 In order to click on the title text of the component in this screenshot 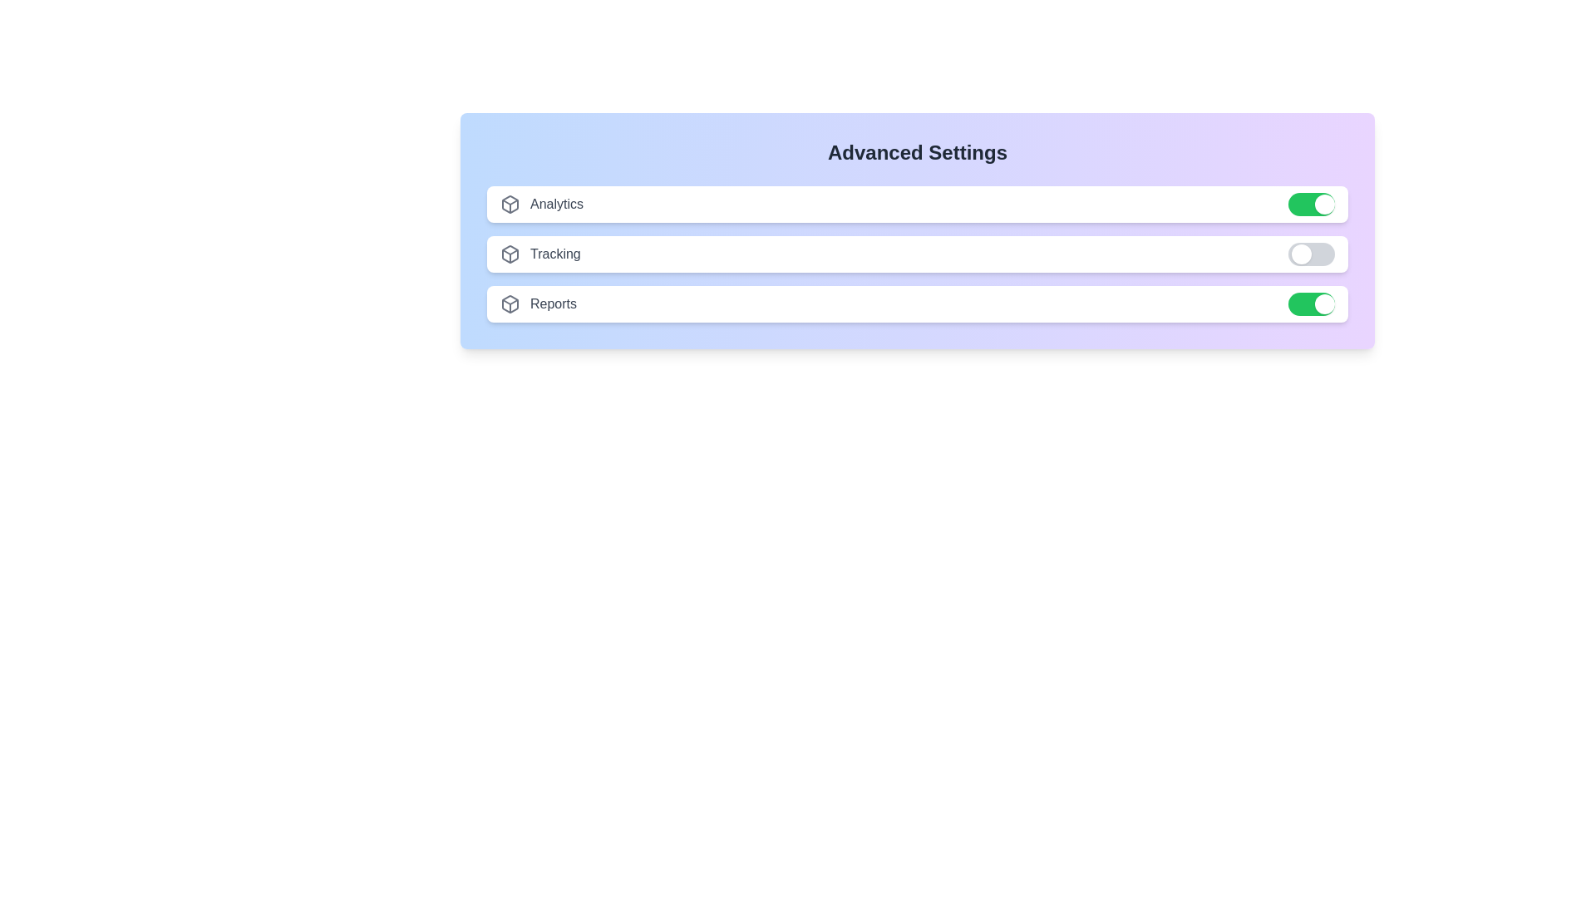, I will do `click(917, 153)`.